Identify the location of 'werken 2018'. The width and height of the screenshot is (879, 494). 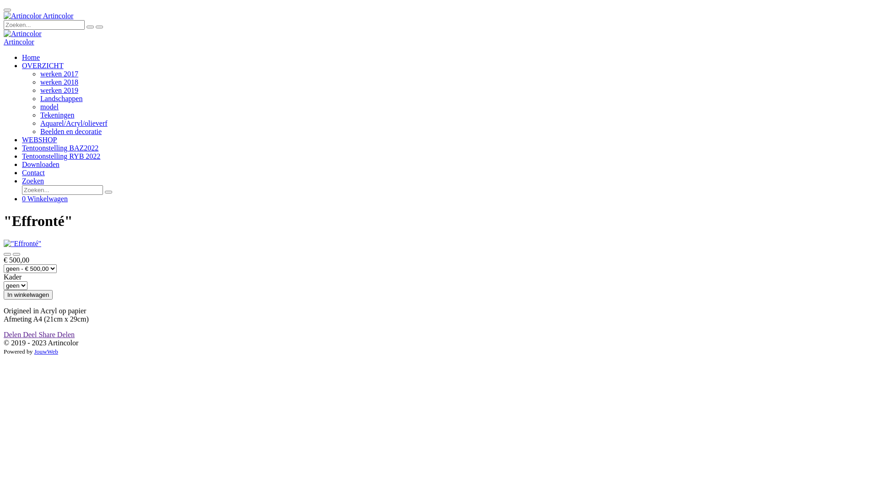
(39, 81).